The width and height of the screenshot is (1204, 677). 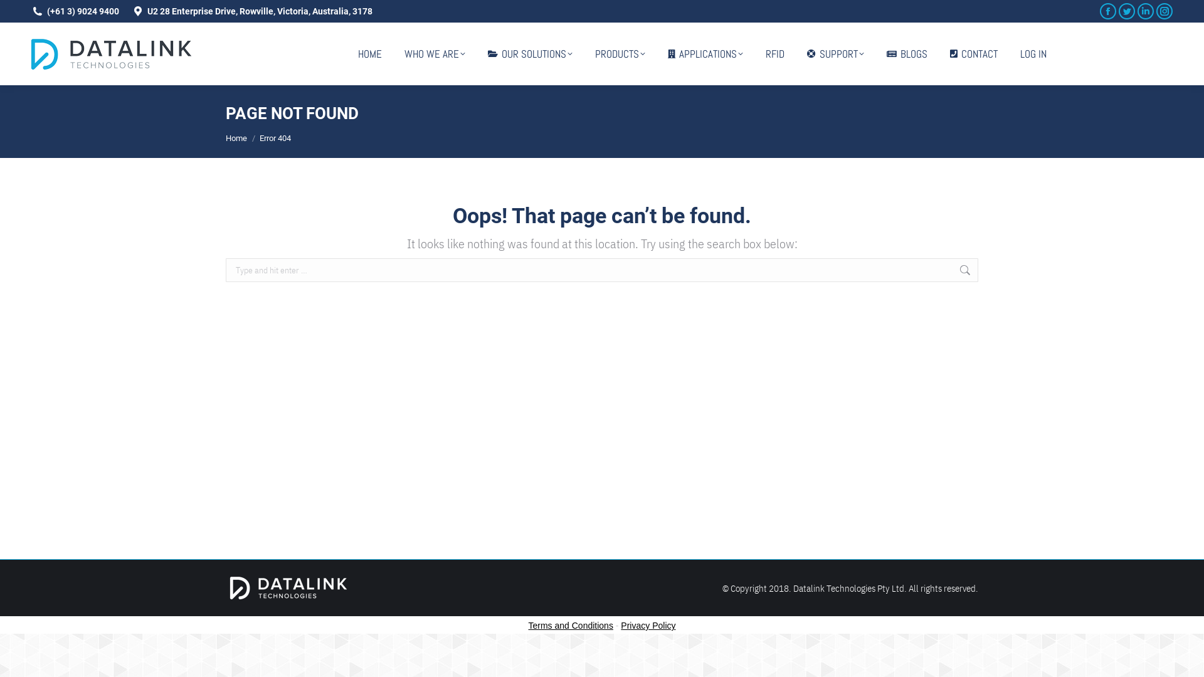 What do you see at coordinates (1126, 11) in the screenshot?
I see `'Twitter page opens in new window'` at bounding box center [1126, 11].